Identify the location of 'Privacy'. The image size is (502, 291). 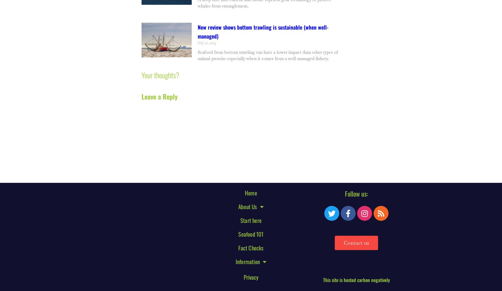
(250, 276).